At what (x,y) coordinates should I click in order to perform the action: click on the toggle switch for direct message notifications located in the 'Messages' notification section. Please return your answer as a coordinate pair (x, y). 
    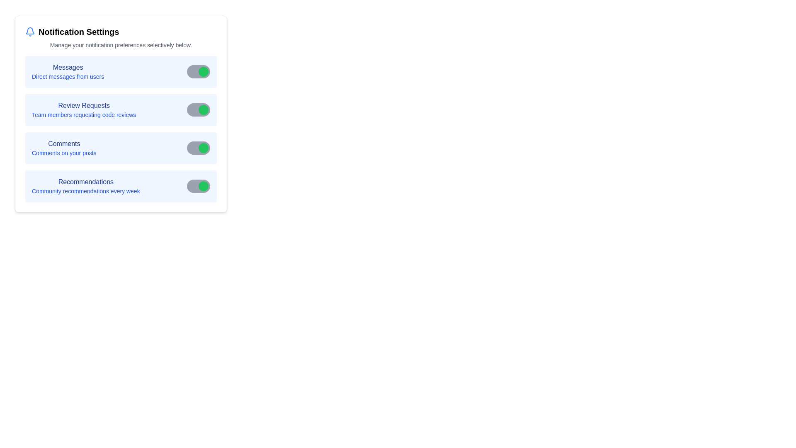
    Looking at the image, I should click on (198, 71).